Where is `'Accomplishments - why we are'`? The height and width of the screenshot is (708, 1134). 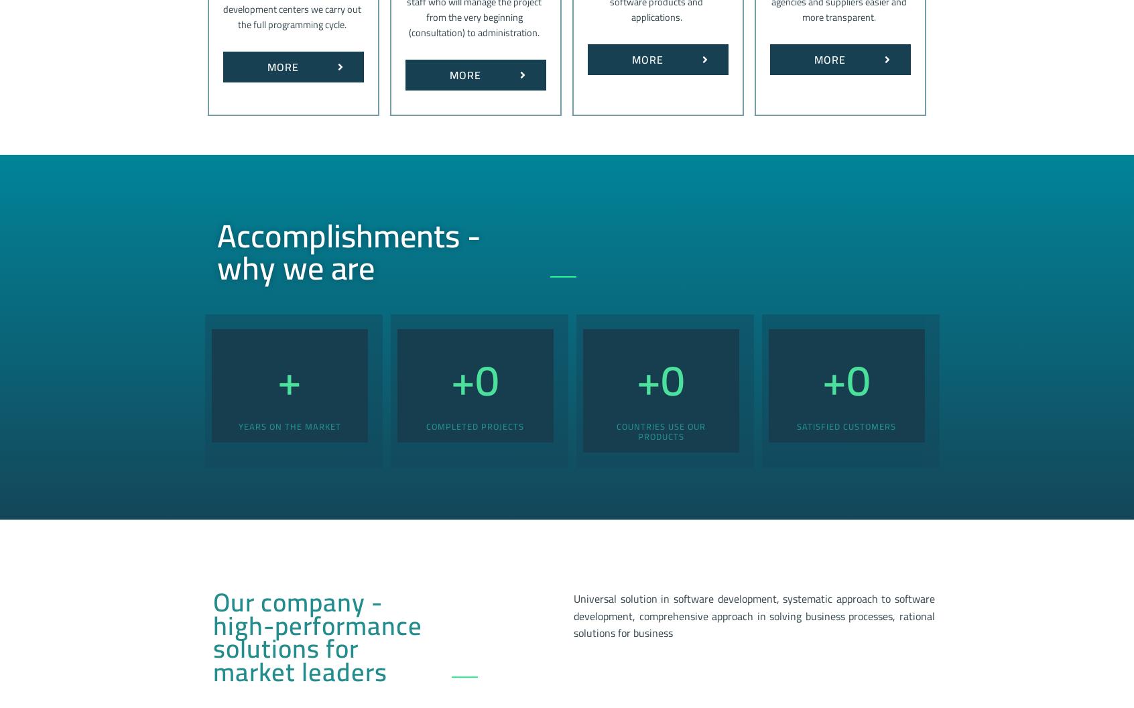
'Accomplishments - why we are' is located at coordinates (349, 250).